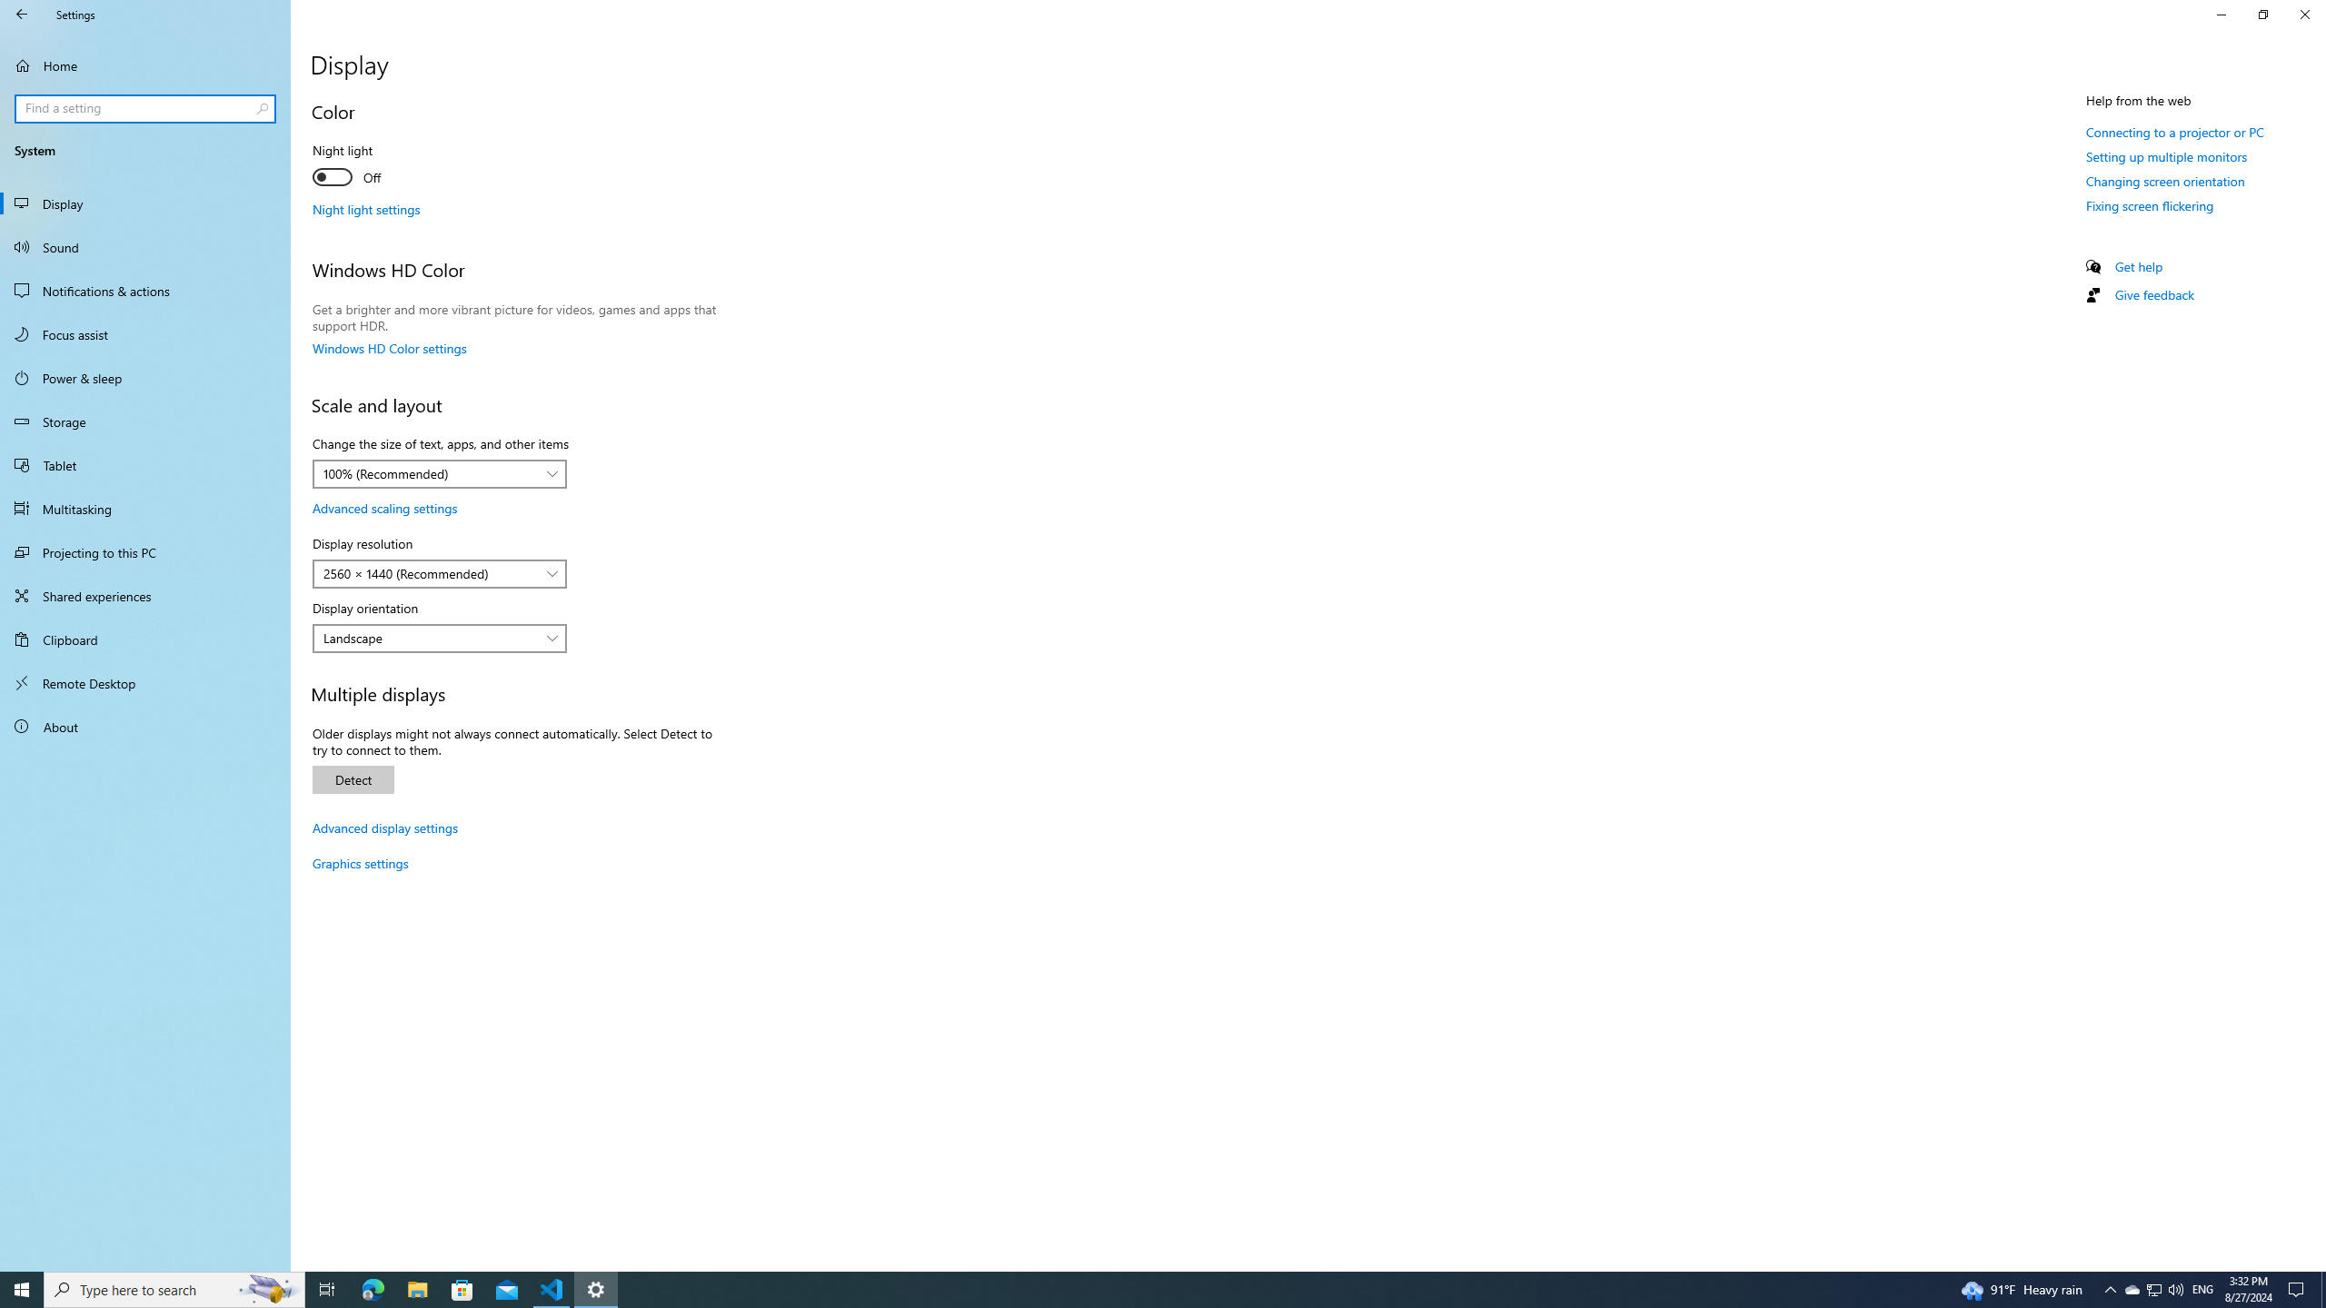 The image size is (2326, 1308). What do you see at coordinates (144, 594) in the screenshot?
I see `'Shared experiences'` at bounding box center [144, 594].